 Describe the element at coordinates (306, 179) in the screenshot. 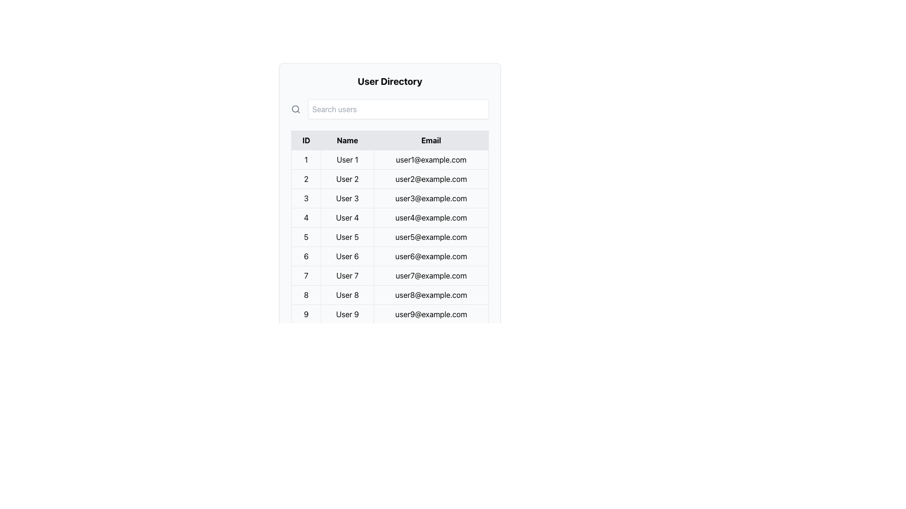

I see `the Table Cell displaying the unique identifier '2', located in the second row under the first column labeled 'ID'` at that location.